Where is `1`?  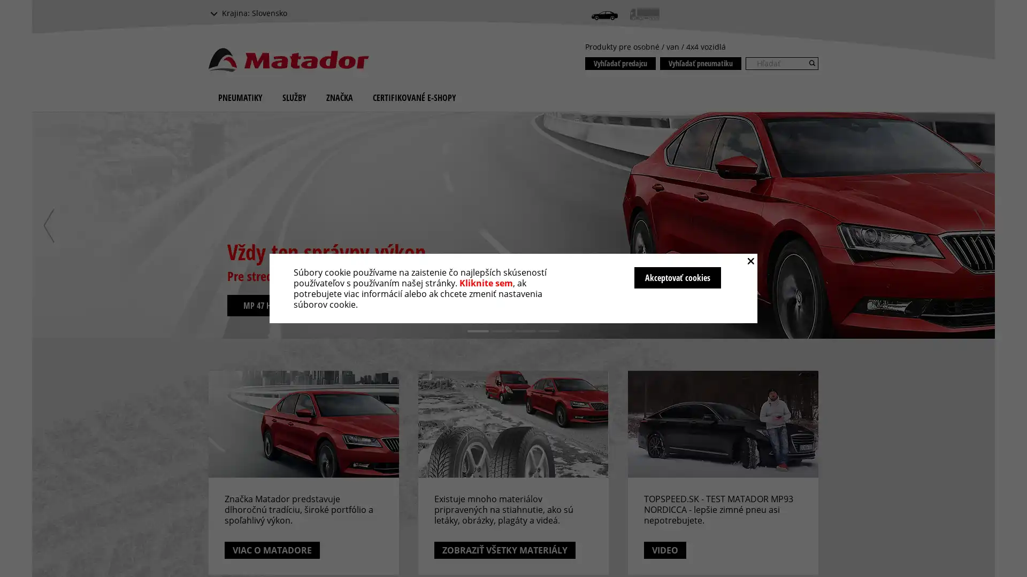 1 is located at coordinates (477, 331).